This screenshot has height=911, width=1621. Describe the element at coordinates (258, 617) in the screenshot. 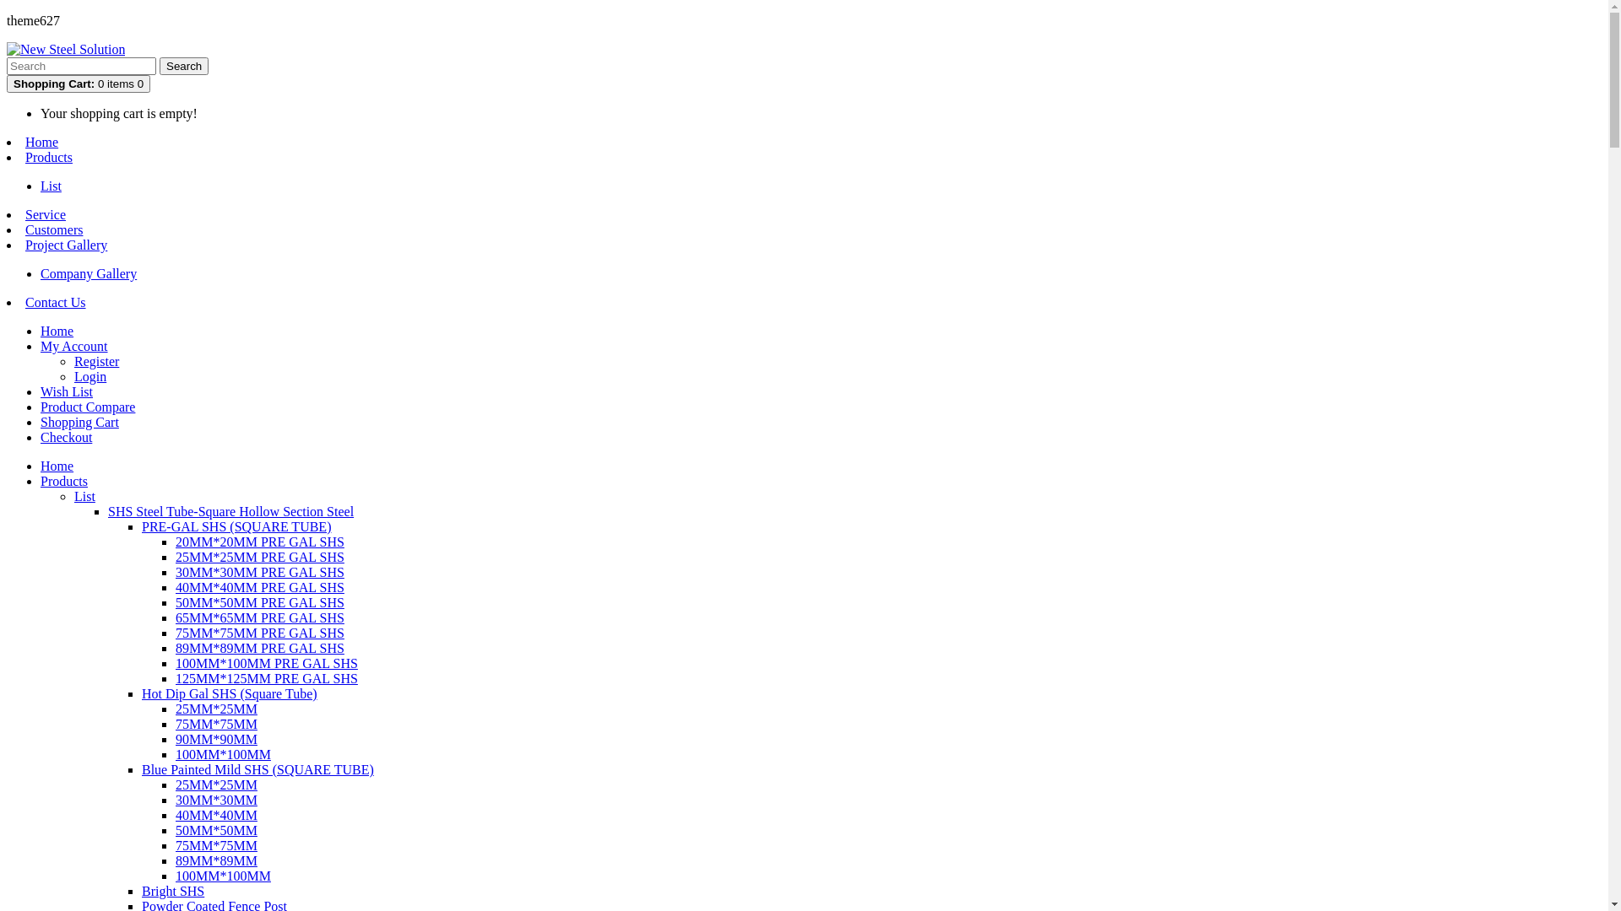

I see `'65MM*65MM PRE GAL SHS'` at that location.